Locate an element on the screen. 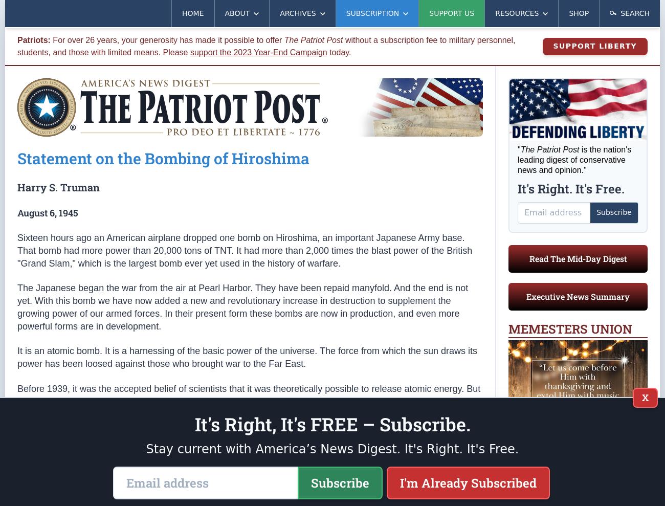 The image size is (665, 506). 'is the nation's leading digest of conservative news and opinion."' is located at coordinates (573, 159).